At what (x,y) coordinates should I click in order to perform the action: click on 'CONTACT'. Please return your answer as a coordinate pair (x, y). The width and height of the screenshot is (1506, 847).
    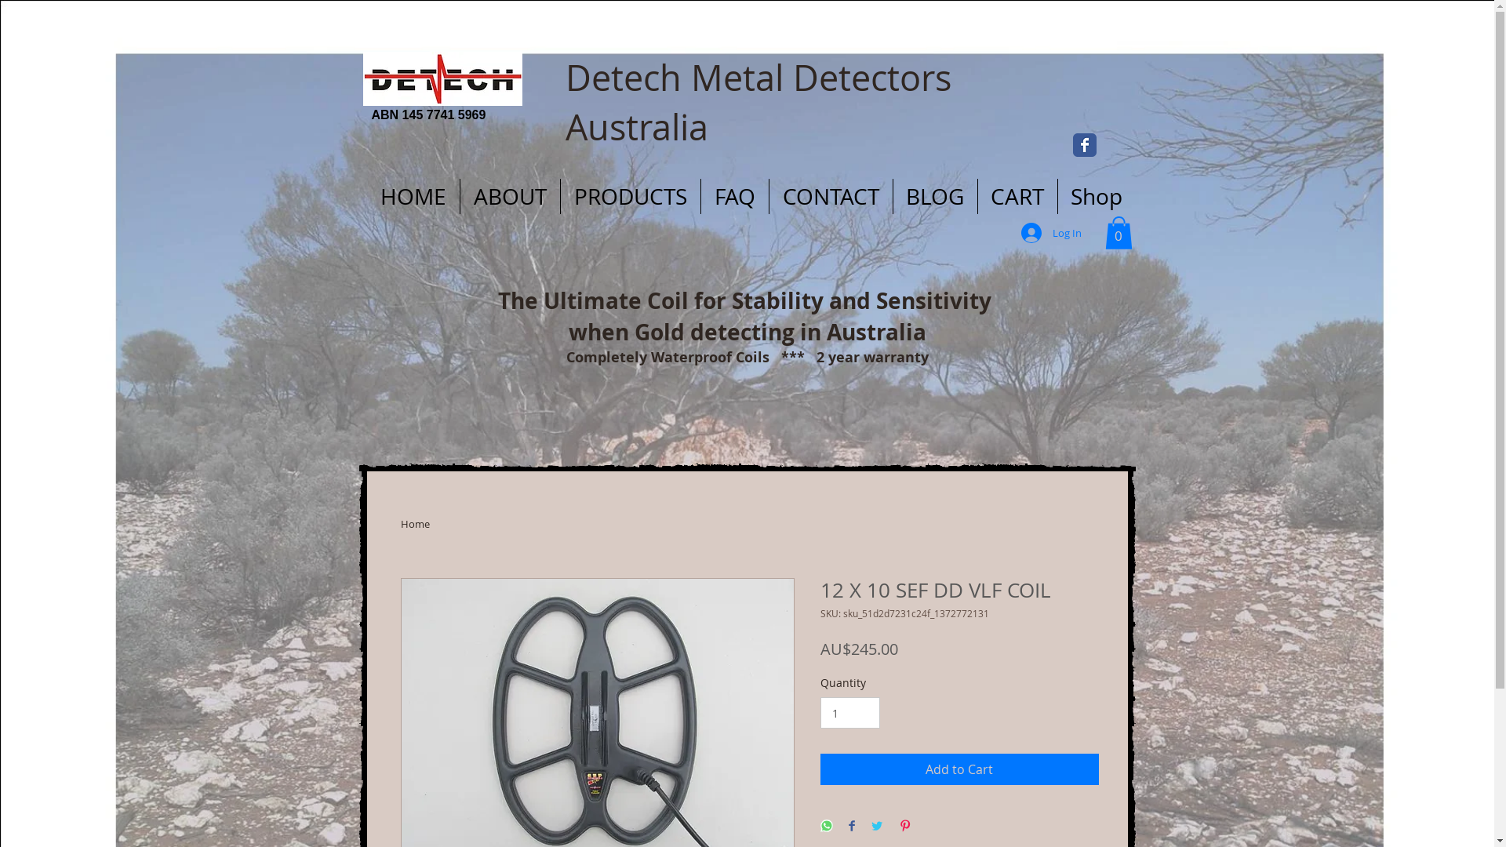
    Looking at the image, I should click on (768, 195).